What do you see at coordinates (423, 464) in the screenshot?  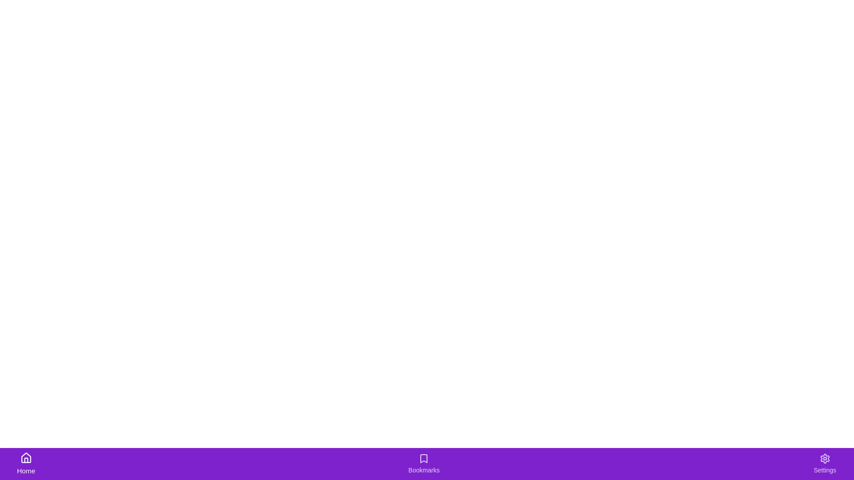 I see `the Bookmarks tab to observe its hover effects` at bounding box center [423, 464].